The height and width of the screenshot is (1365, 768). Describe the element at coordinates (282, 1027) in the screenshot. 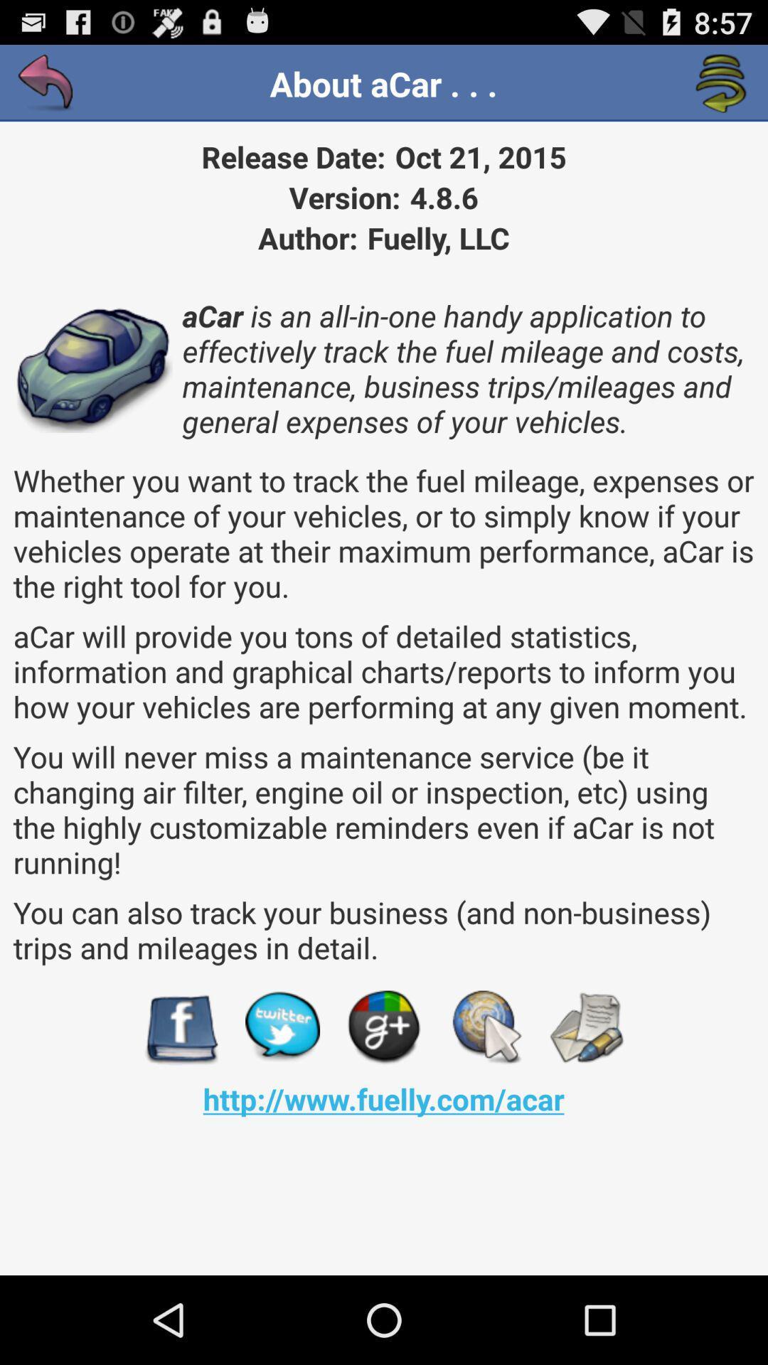

I see `twitter page` at that location.